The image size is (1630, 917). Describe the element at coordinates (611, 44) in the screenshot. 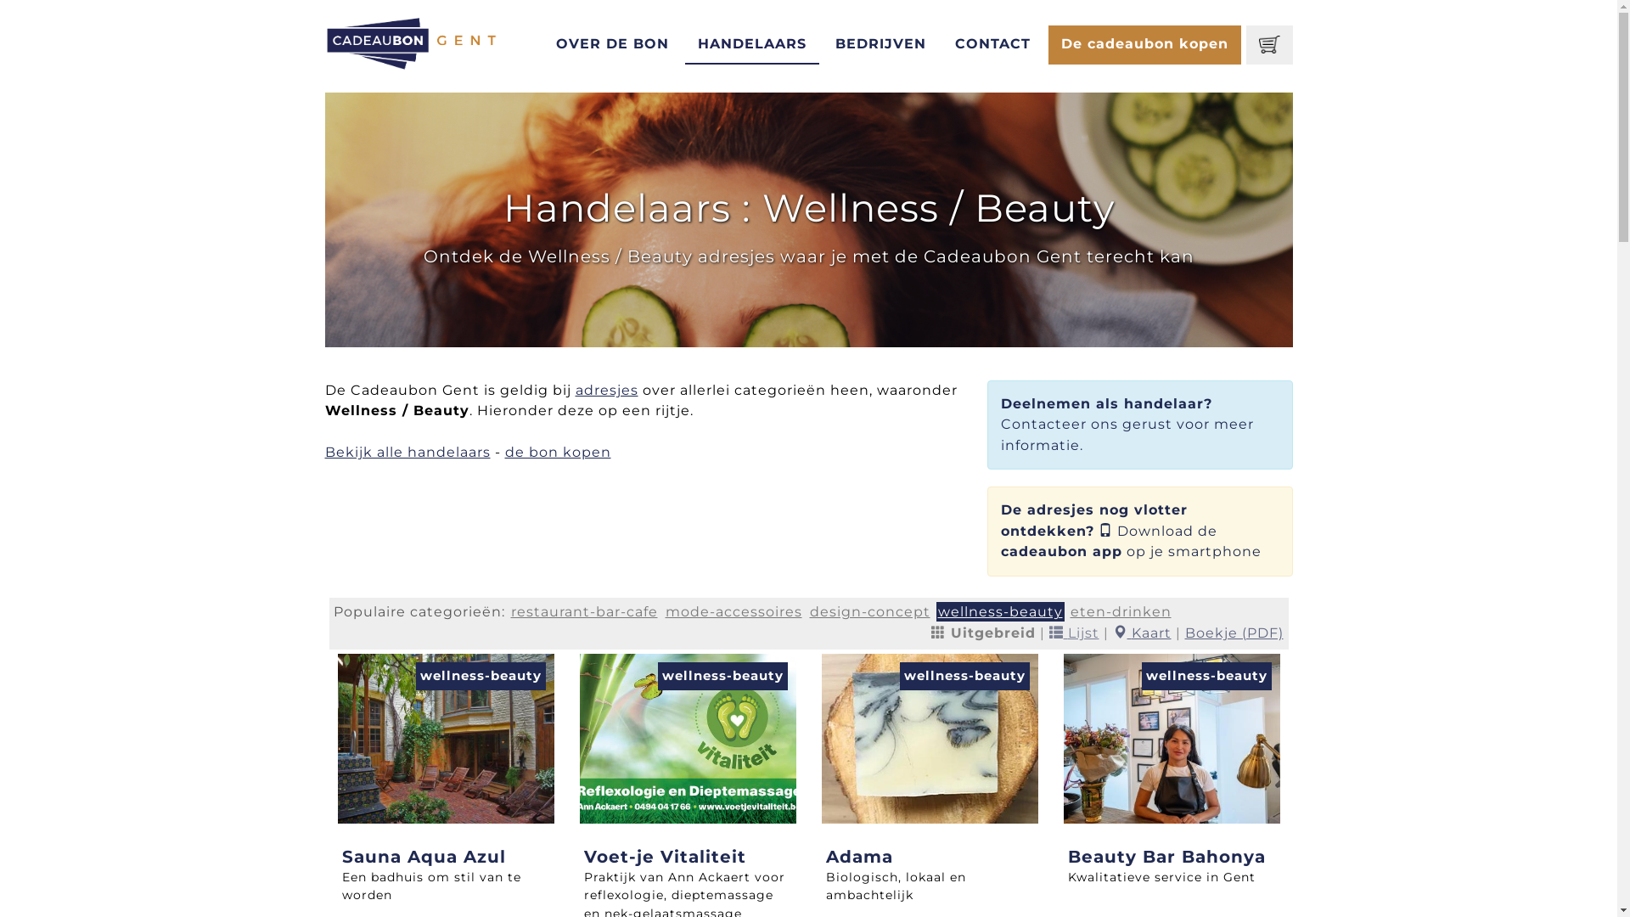

I see `'OVER DE BON'` at that location.